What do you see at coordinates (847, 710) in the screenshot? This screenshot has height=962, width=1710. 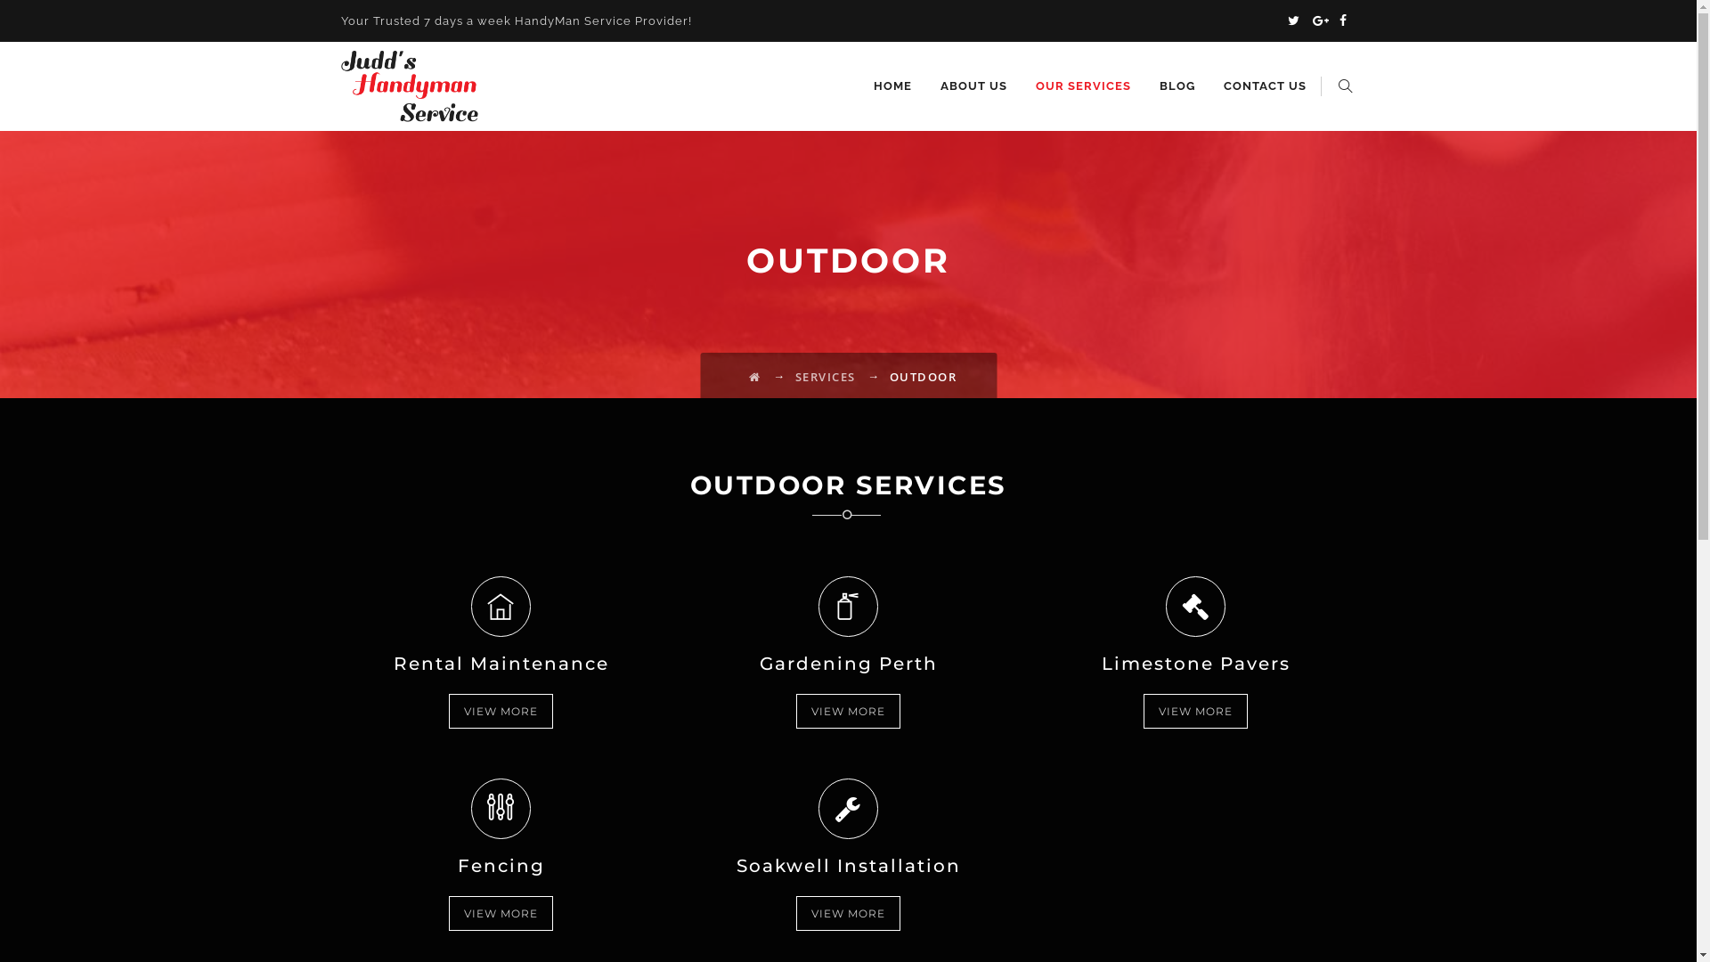 I see `'VIEW MORE'` at bounding box center [847, 710].